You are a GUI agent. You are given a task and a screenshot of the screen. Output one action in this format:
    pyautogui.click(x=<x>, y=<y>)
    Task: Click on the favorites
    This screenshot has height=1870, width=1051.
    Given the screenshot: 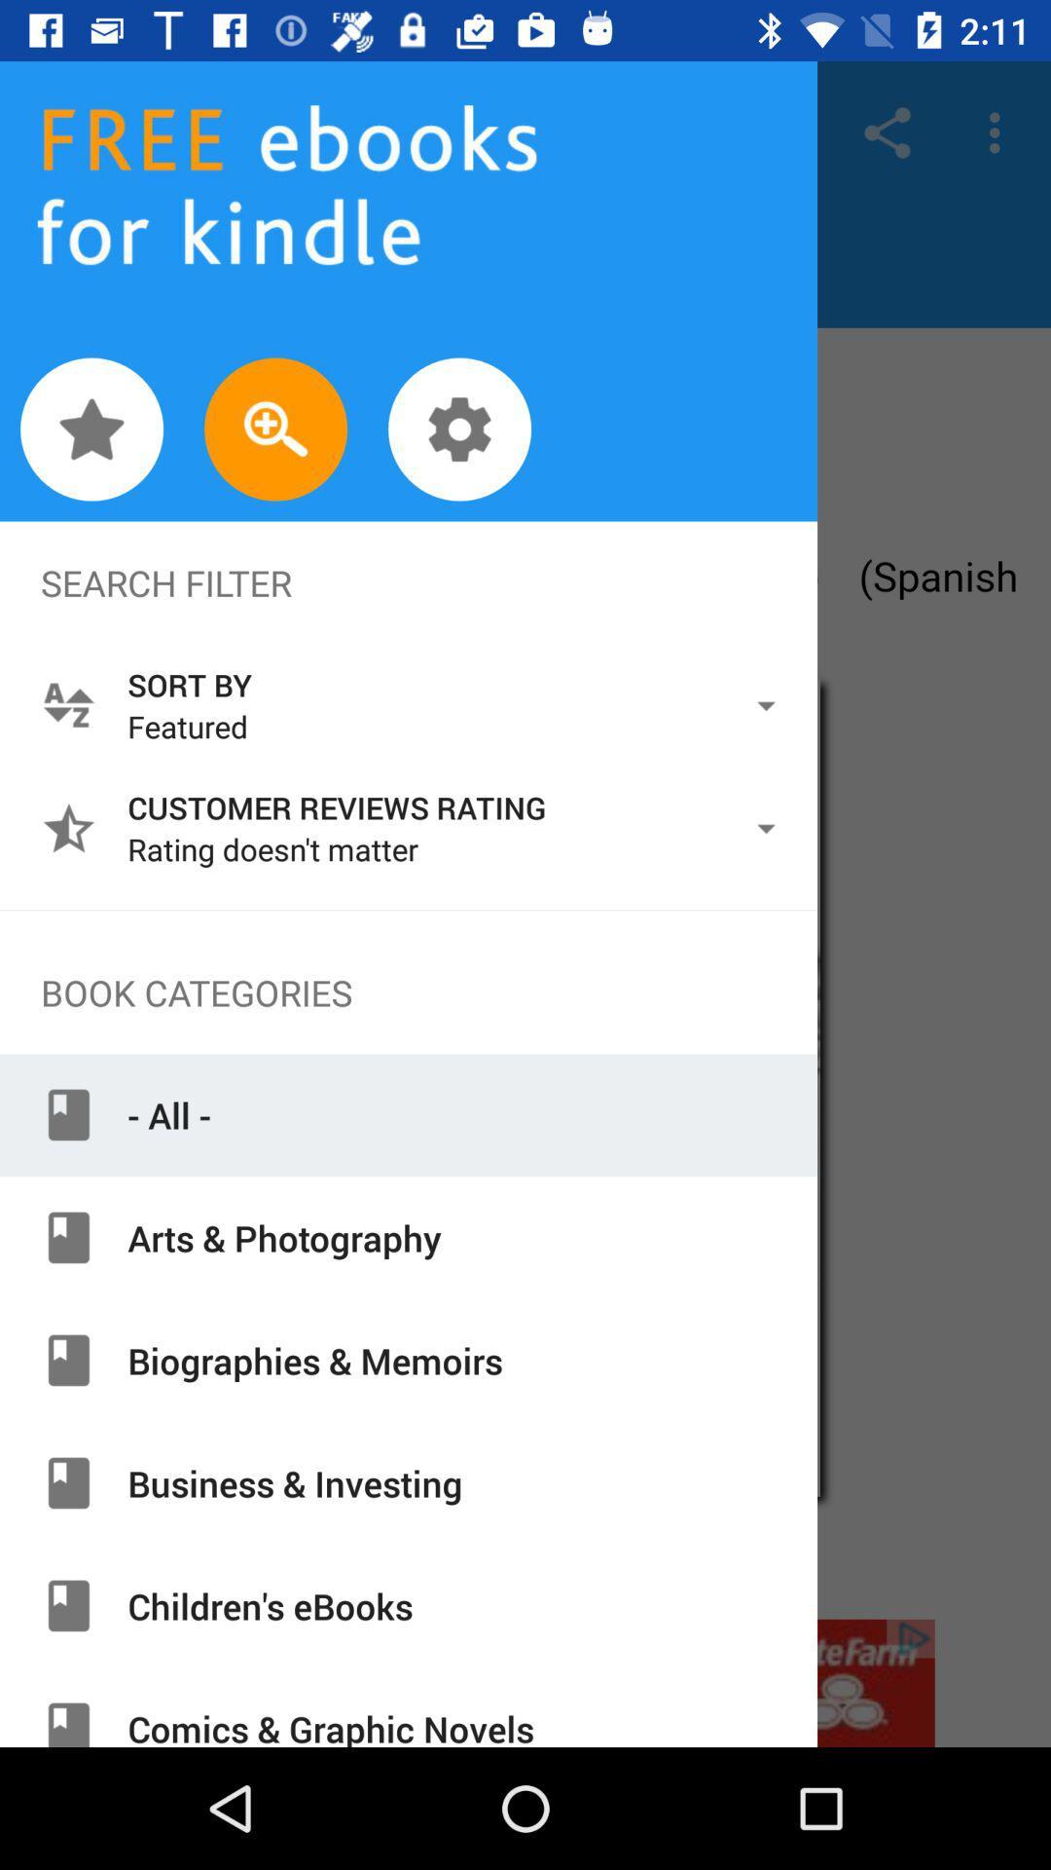 What is the action you would take?
    pyautogui.click(x=91, y=429)
    